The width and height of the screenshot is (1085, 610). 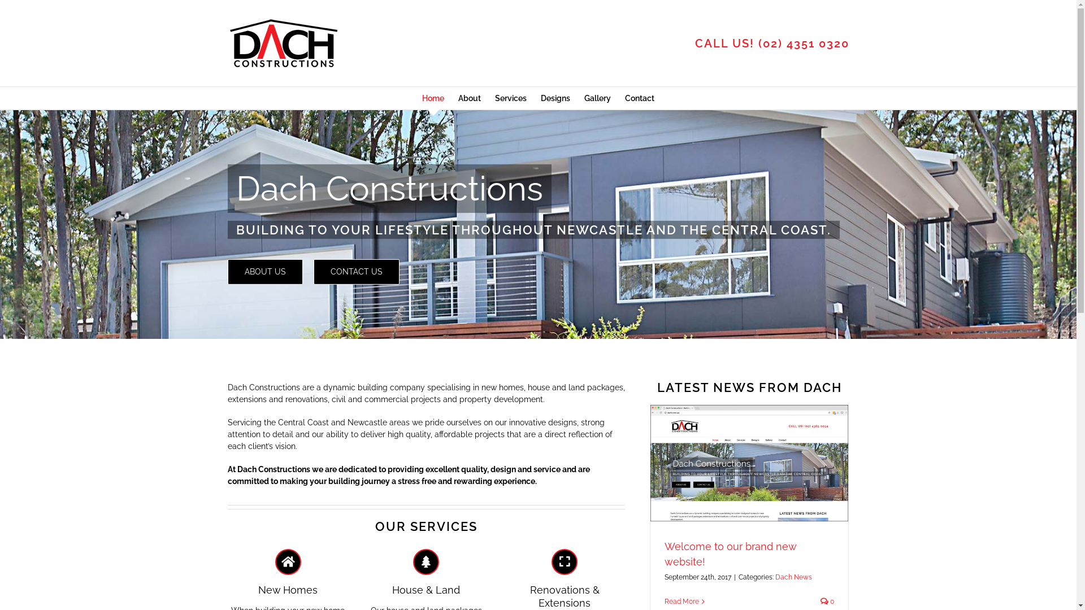 I want to click on 'Read More', so click(x=681, y=600).